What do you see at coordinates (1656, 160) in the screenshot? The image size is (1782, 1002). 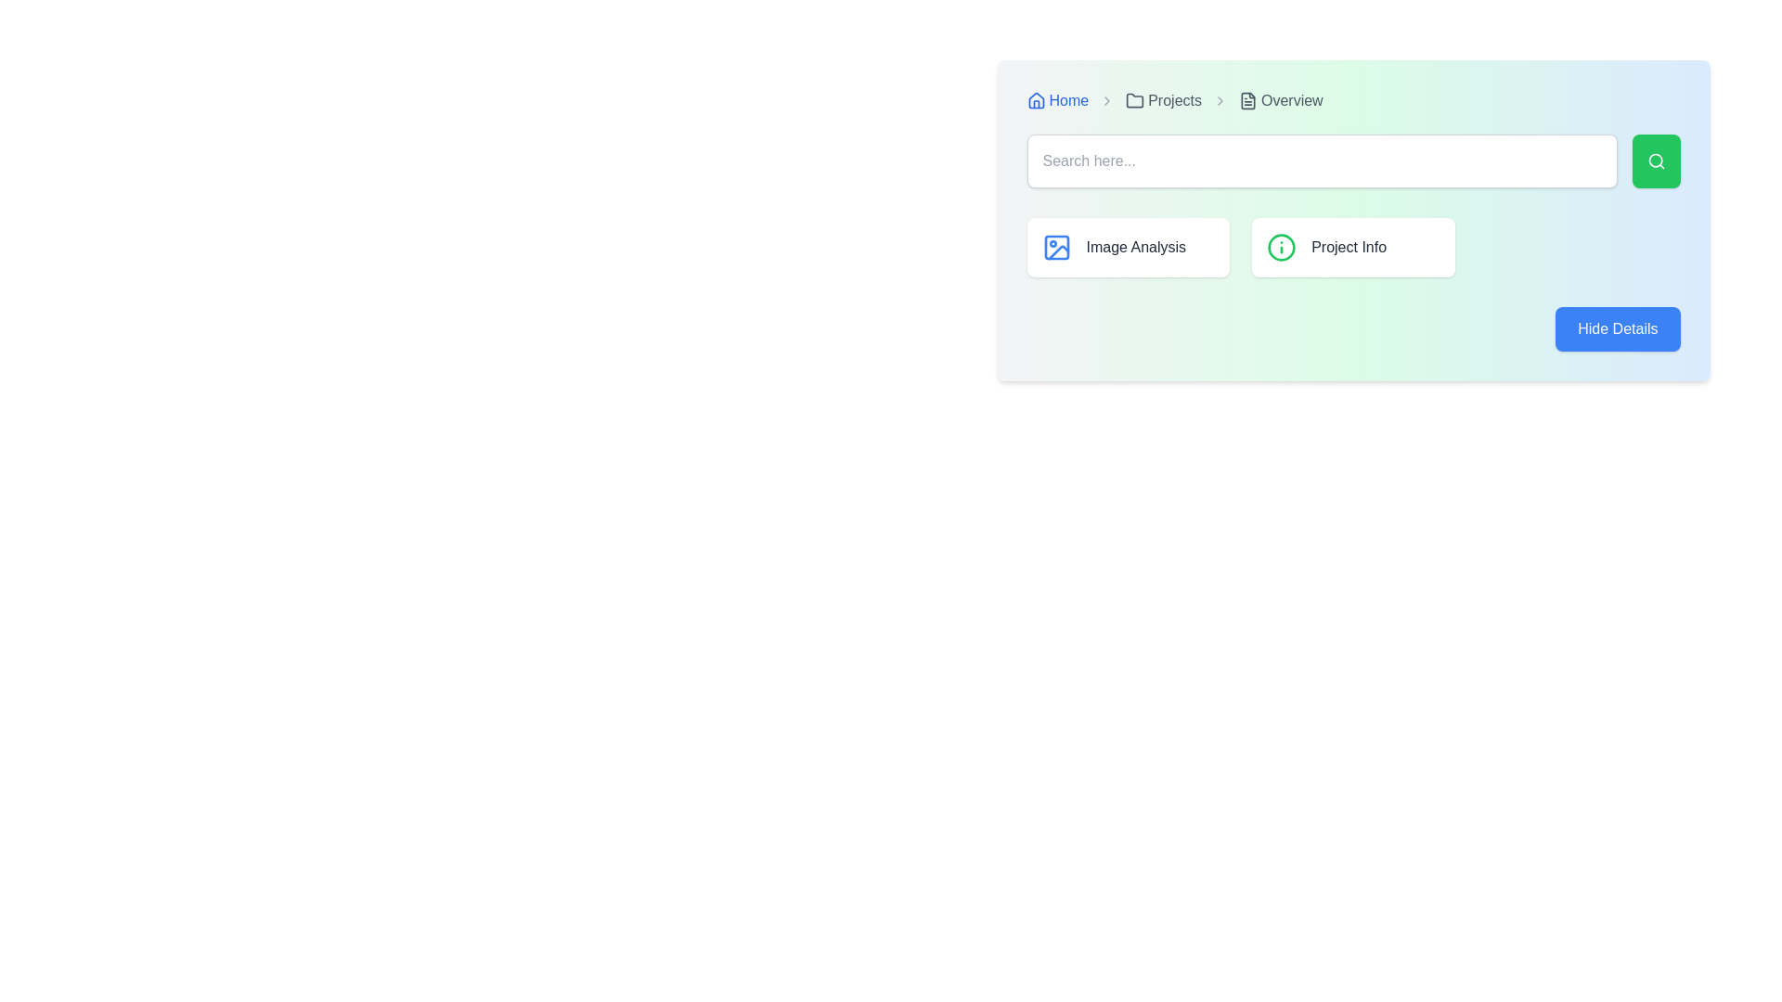 I see `the small rectangular button with a green background and a white search icon, located to the right of the 'Search here...' text input field, to change its background color` at bounding box center [1656, 160].